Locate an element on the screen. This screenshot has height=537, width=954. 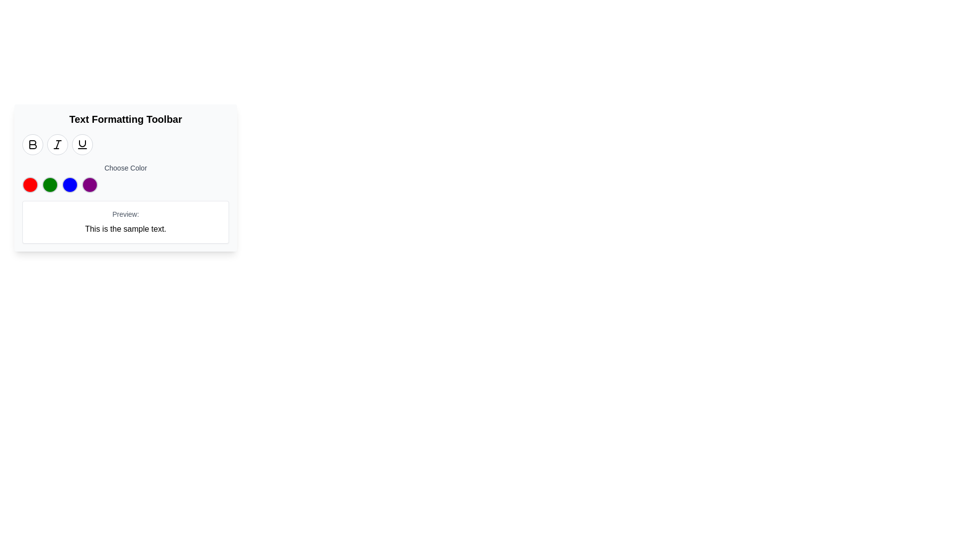
the third button in the 'Text Formatting Toolbar' that applies or removes underlining from selected text is located at coordinates (82, 144).